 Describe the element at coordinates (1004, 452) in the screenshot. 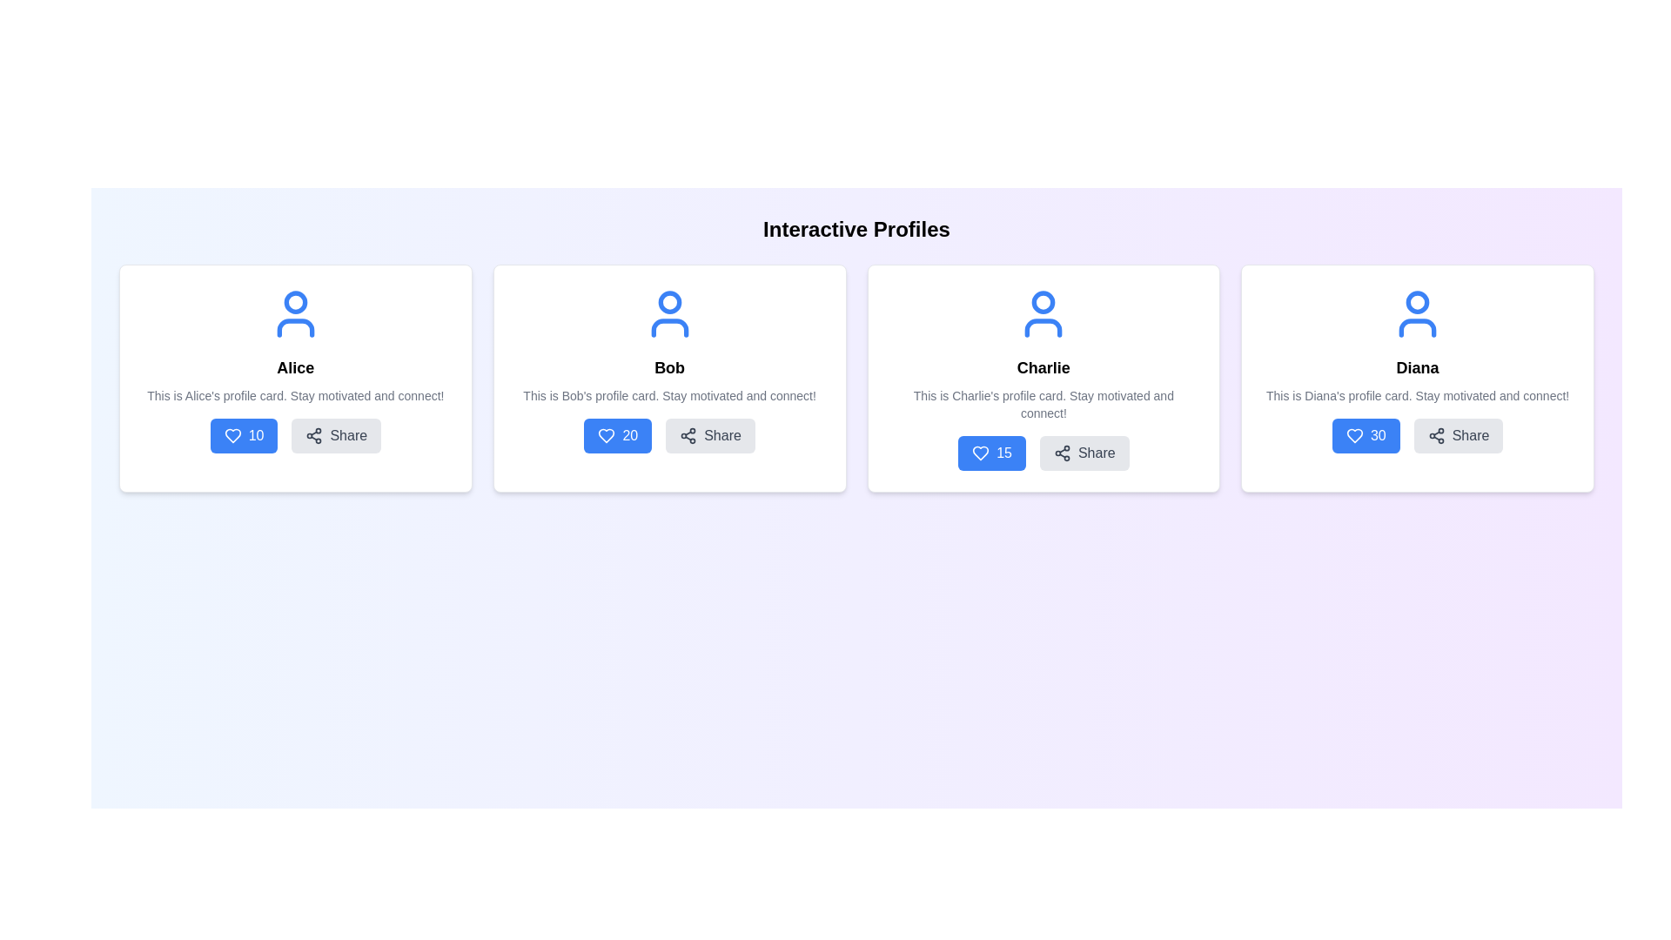

I see `count displayed in the text label located to the right of the heart icon in the interactive button under the 'Charlie' section of the third card from the left in the grid layout` at that location.